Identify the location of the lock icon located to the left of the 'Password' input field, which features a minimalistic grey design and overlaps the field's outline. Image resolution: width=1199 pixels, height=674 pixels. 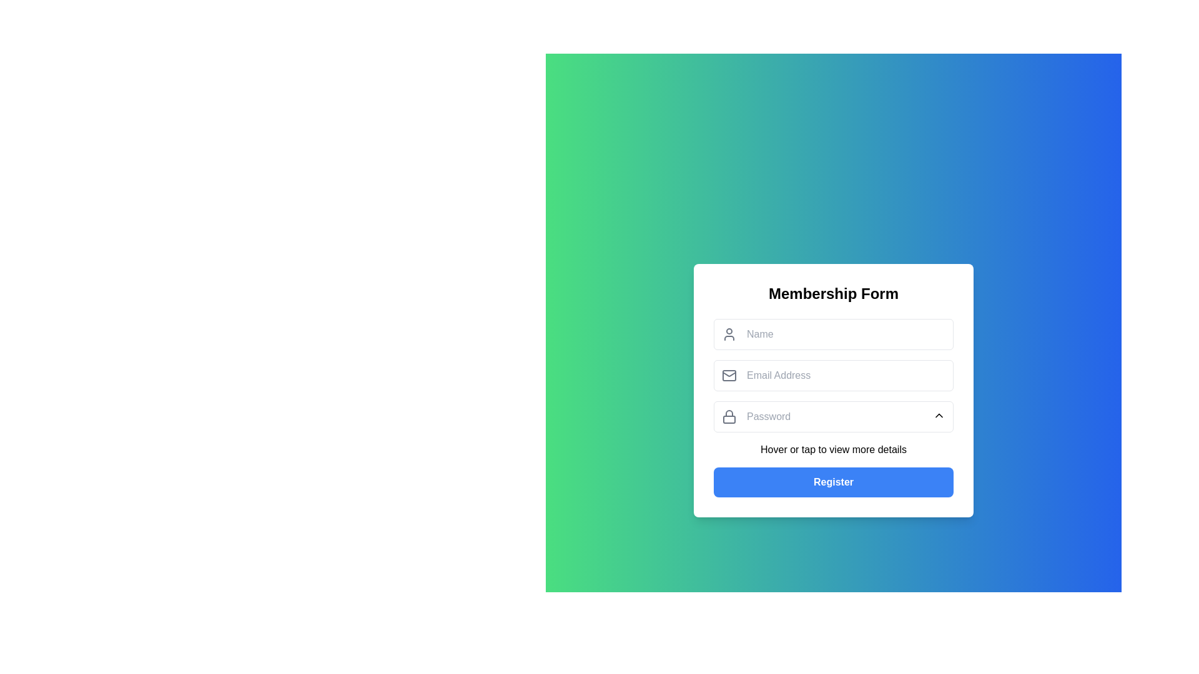
(729, 416).